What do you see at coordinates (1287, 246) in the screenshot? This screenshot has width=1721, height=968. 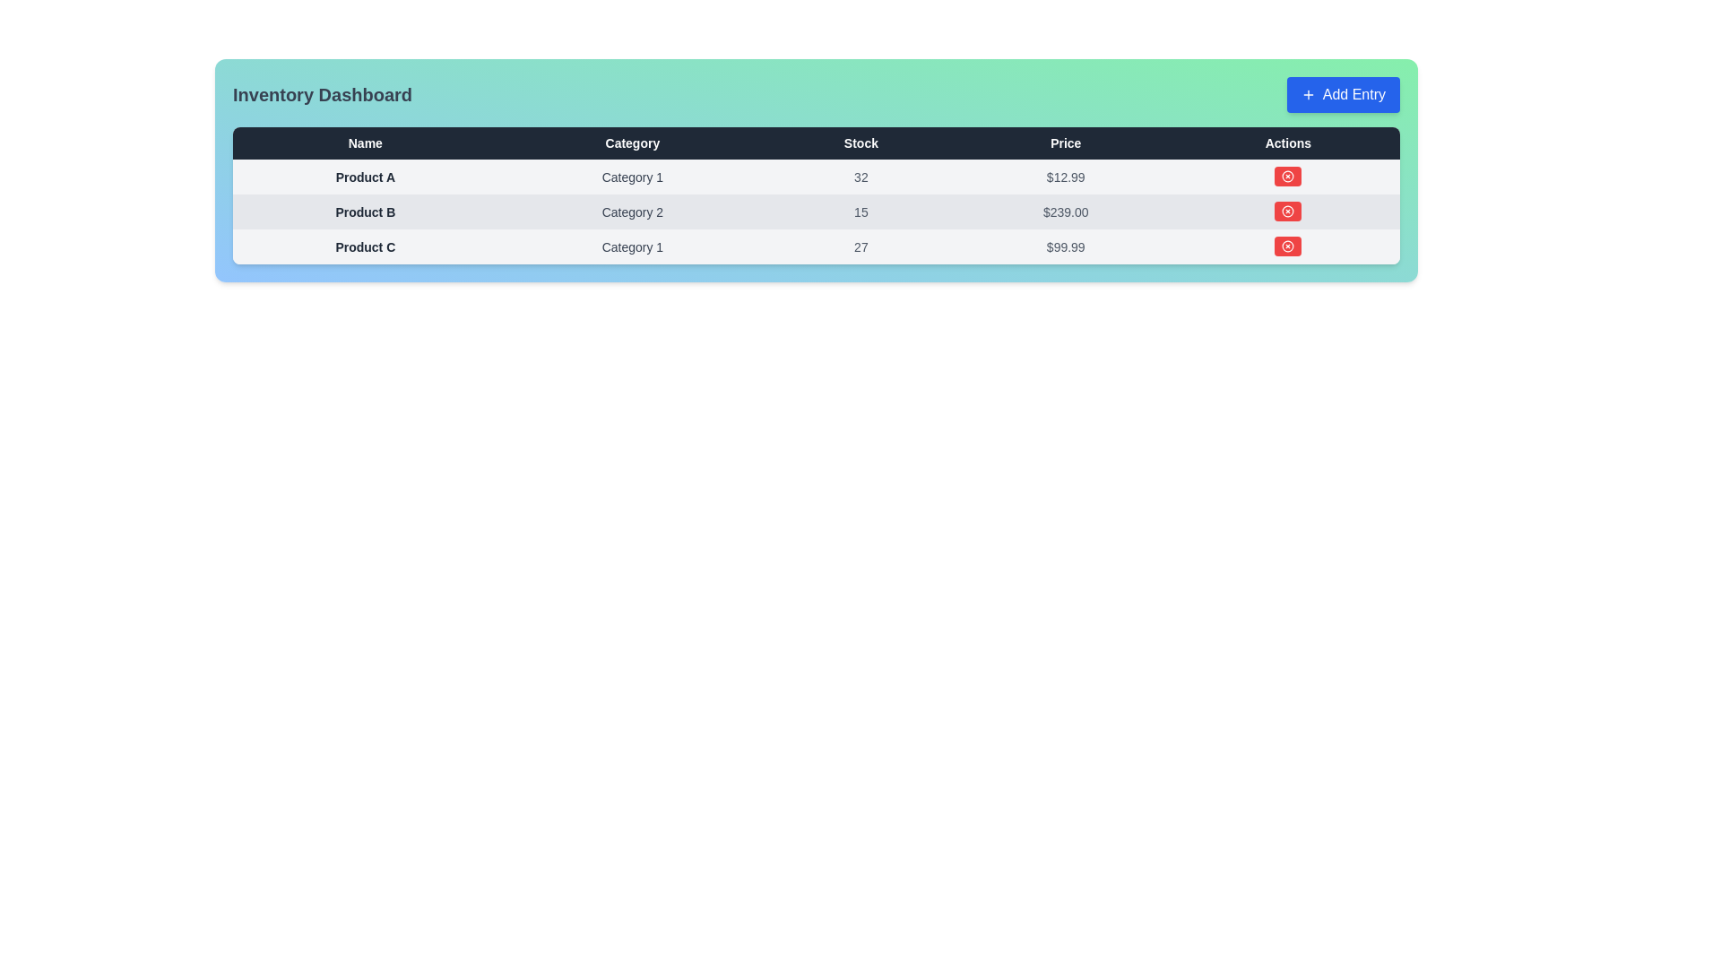 I see `the delete button in the 'Actions' column of the second row` at bounding box center [1287, 246].